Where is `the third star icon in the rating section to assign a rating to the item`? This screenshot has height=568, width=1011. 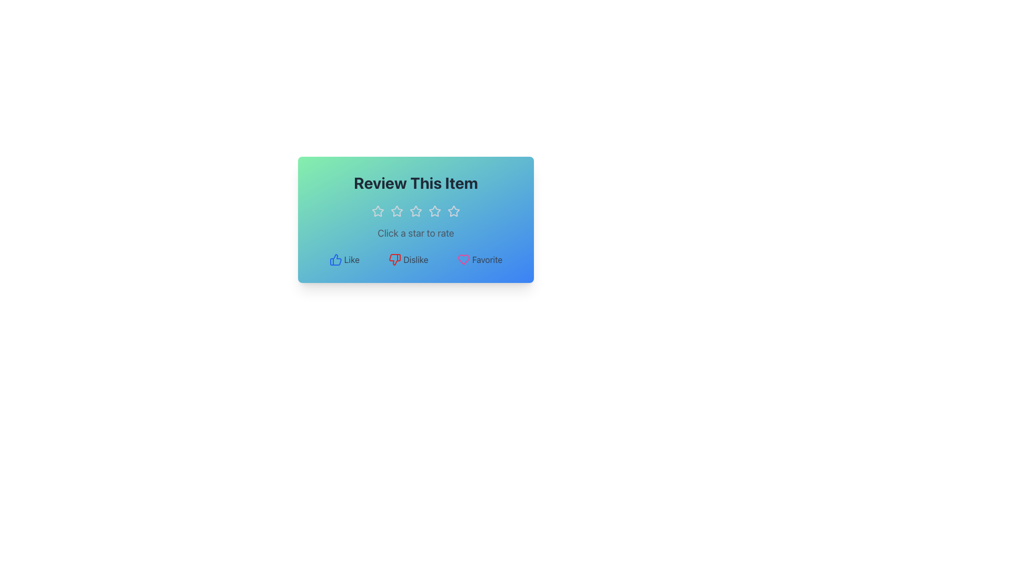 the third star icon in the rating section to assign a rating to the item is located at coordinates (415, 211).